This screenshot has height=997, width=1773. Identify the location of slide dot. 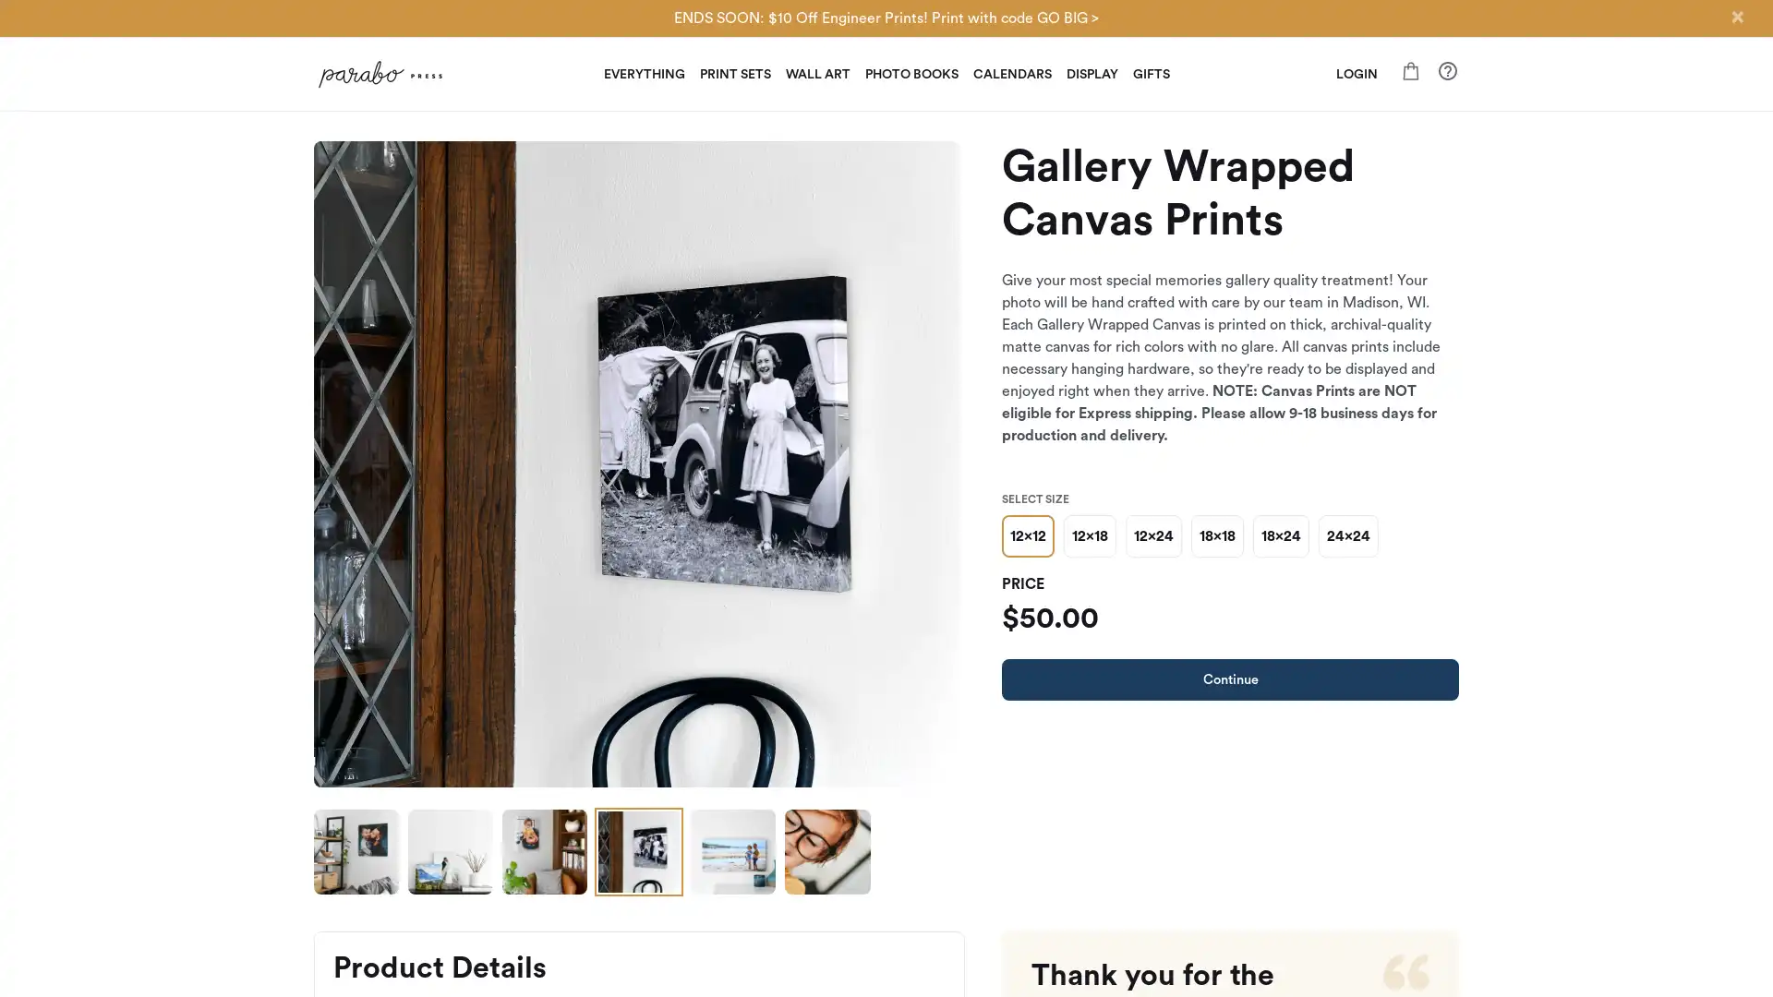
(451, 851).